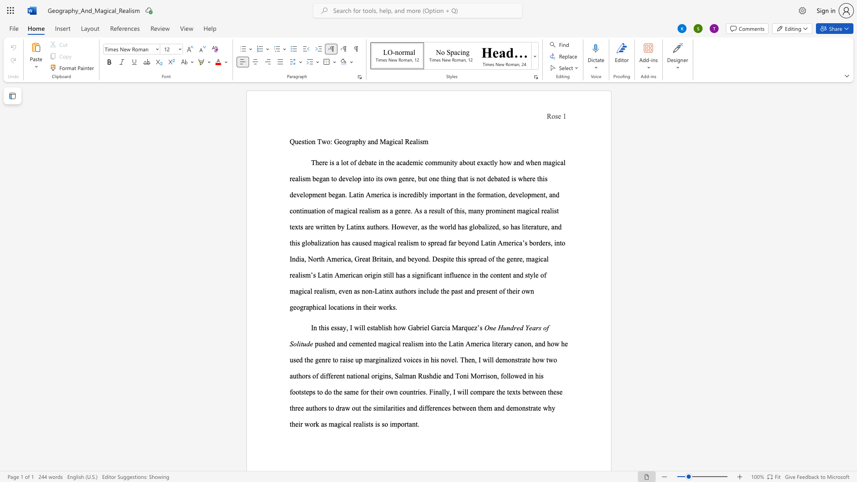 The height and width of the screenshot is (482, 857). I want to click on the 4th character "o" in the text, so click(297, 391).